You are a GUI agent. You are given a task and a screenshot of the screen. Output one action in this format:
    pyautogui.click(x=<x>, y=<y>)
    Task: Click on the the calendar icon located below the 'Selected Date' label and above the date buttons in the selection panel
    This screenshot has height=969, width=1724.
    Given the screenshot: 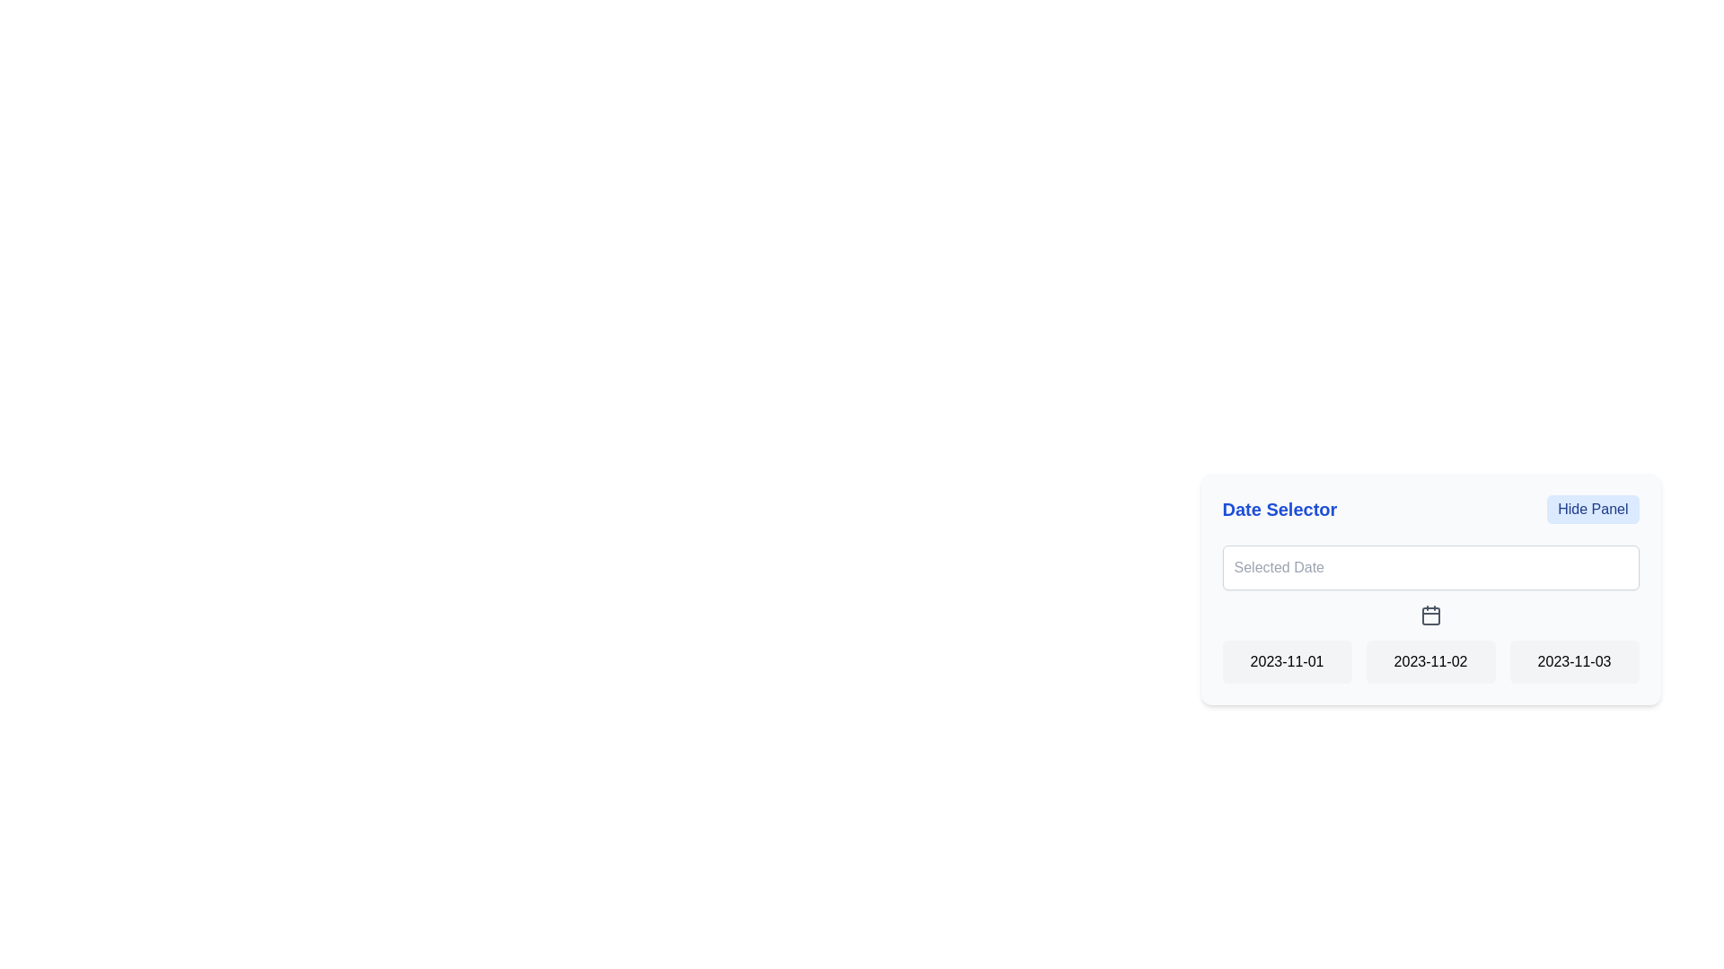 What is the action you would take?
    pyautogui.click(x=1429, y=614)
    